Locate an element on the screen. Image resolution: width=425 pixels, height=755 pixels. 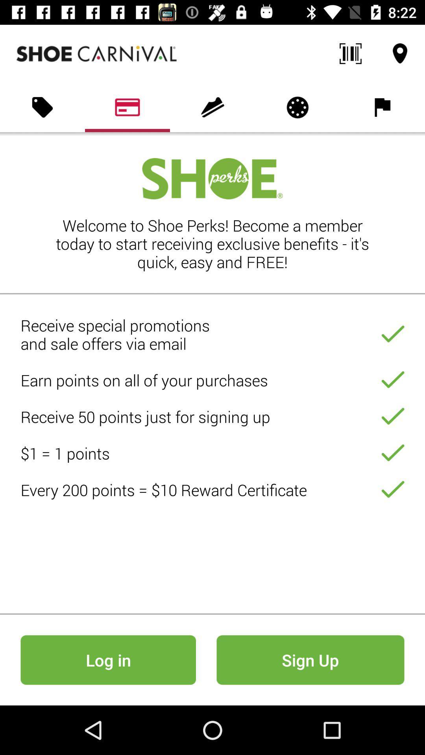
the symbol which is to the immediate left of navigation symbol is located at coordinates (350, 53).